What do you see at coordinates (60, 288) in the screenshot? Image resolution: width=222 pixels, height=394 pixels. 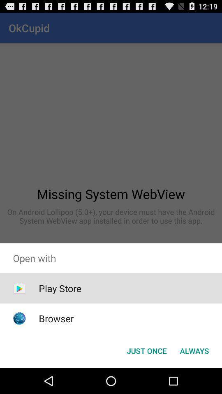 I see `the item below open with app` at bounding box center [60, 288].